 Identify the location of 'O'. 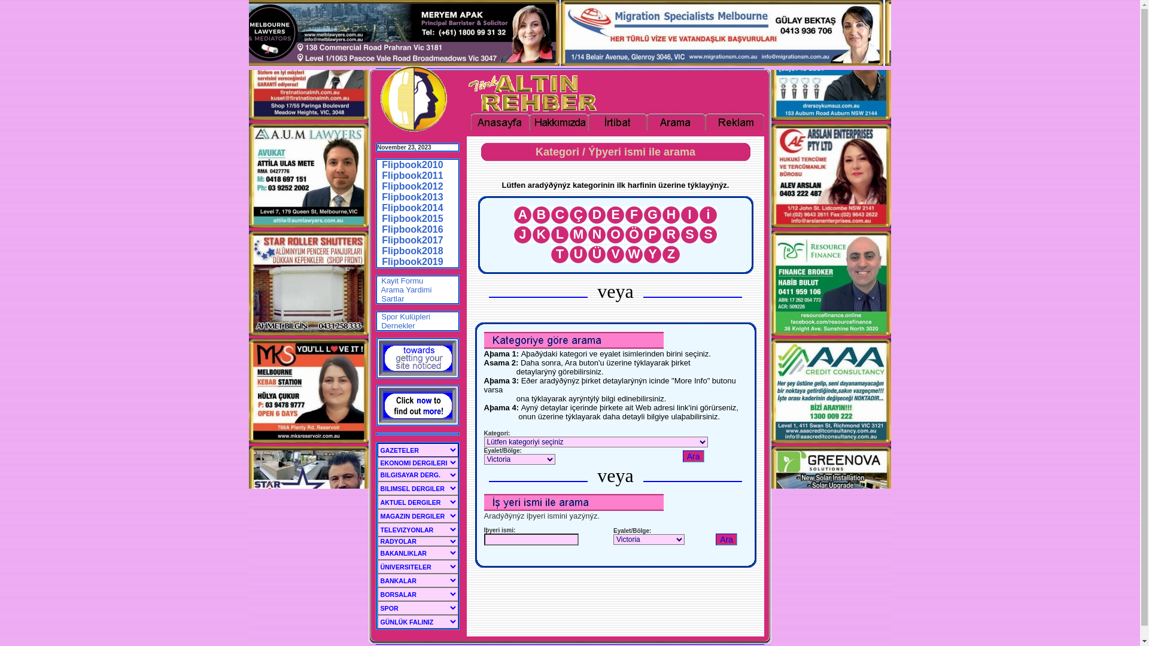
(615, 236).